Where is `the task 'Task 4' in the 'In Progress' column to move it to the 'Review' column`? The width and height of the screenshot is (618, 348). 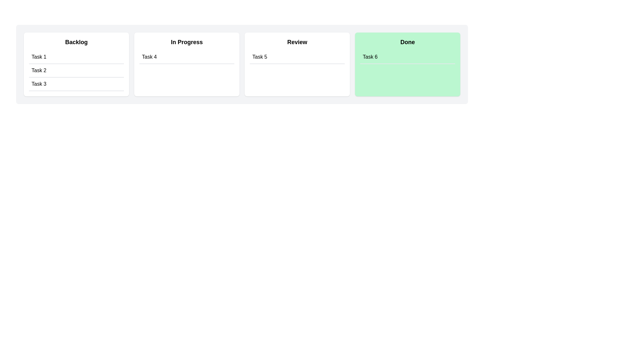
the task 'Task 4' in the 'In Progress' column to move it to the 'Review' column is located at coordinates (186, 57).